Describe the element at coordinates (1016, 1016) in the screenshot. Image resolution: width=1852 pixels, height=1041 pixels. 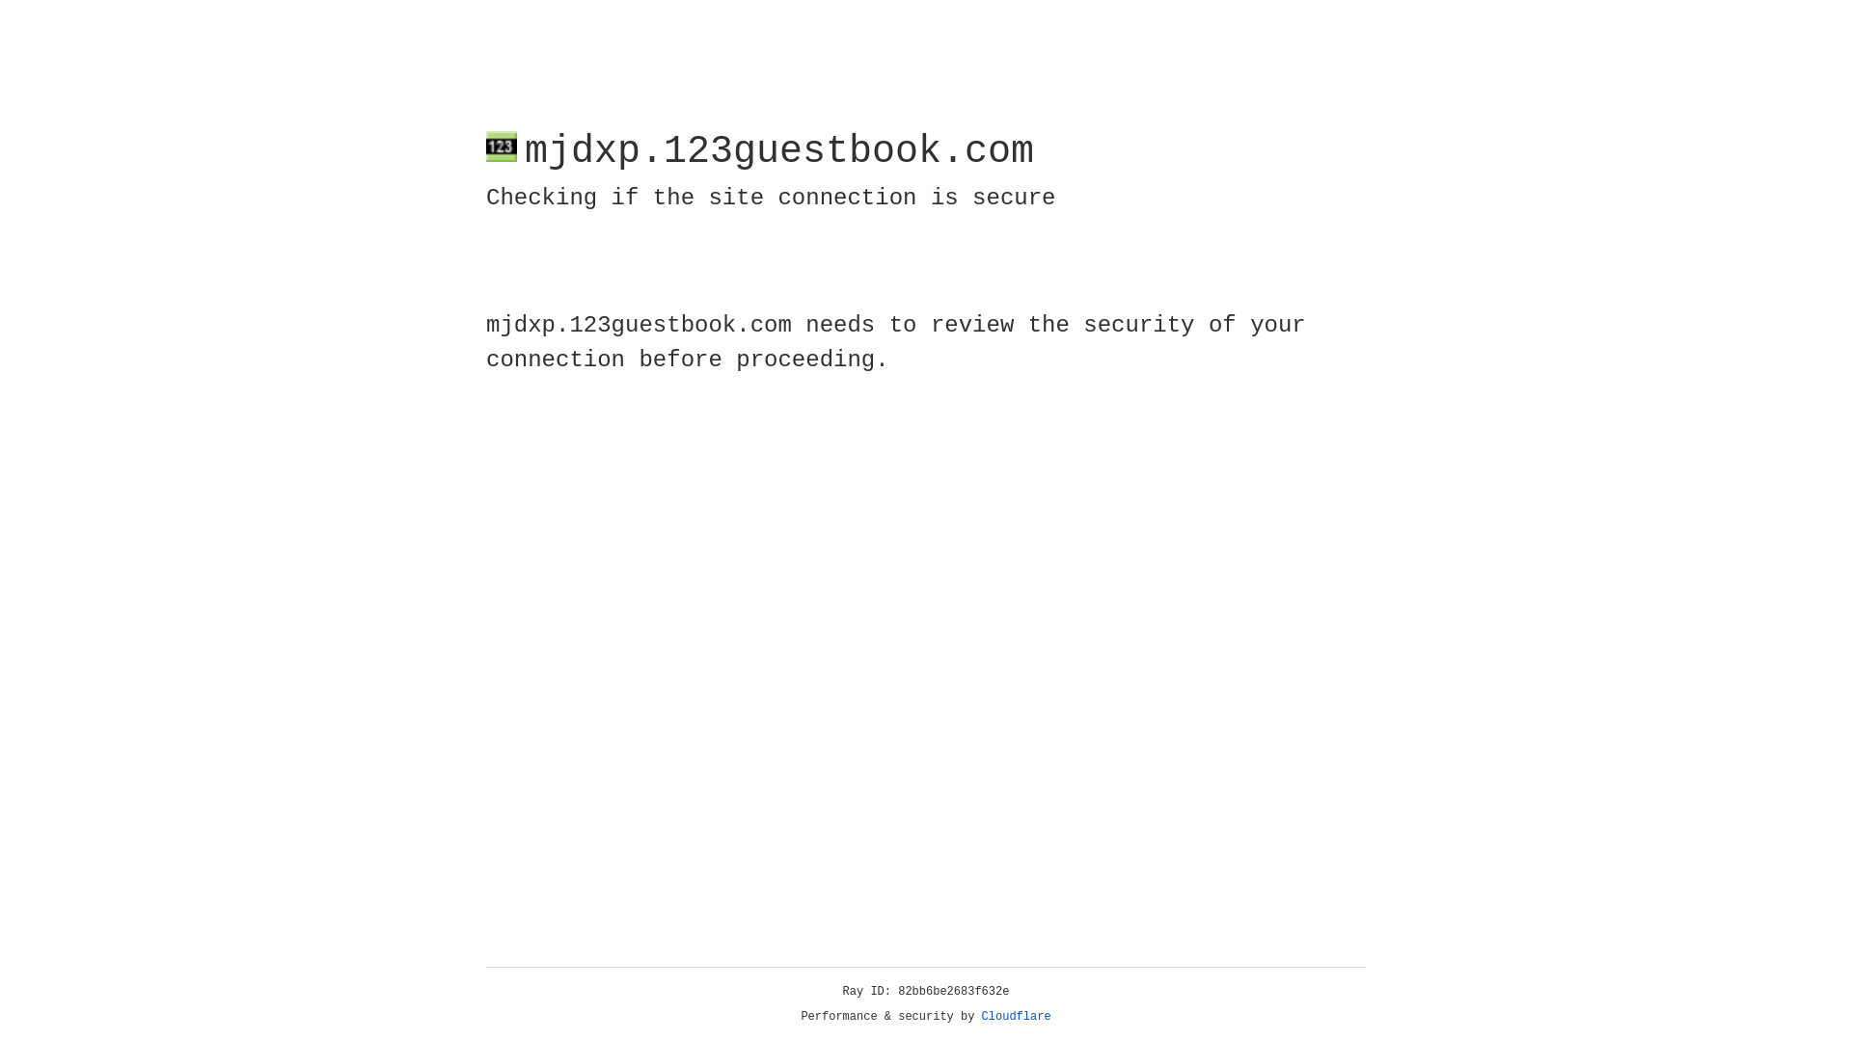
I see `'Cloudflare'` at that location.